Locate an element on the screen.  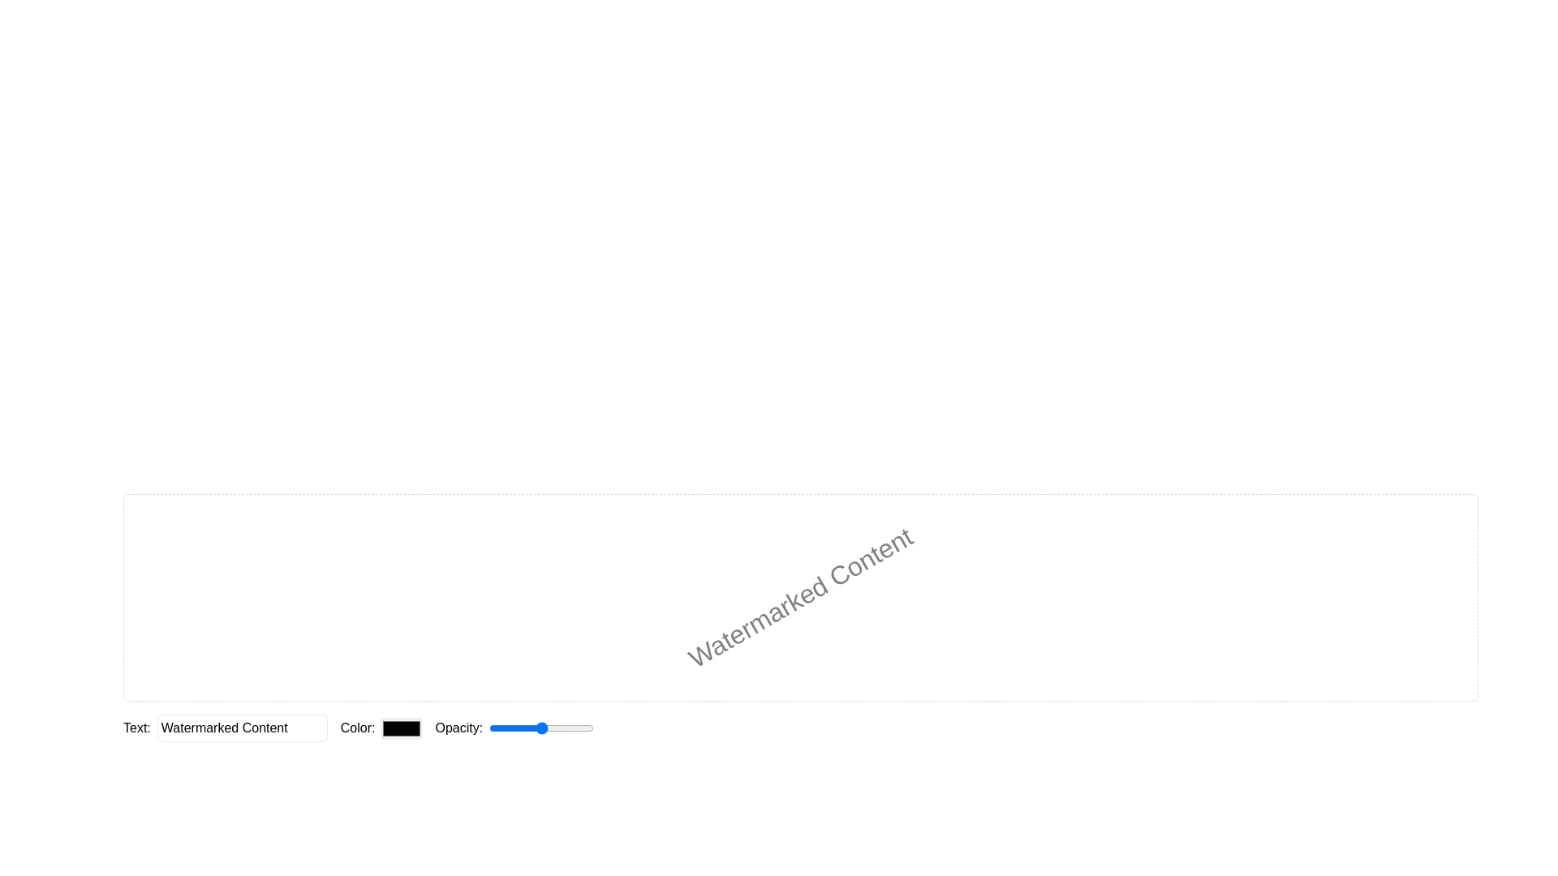
the opacity value is located at coordinates (488, 728).